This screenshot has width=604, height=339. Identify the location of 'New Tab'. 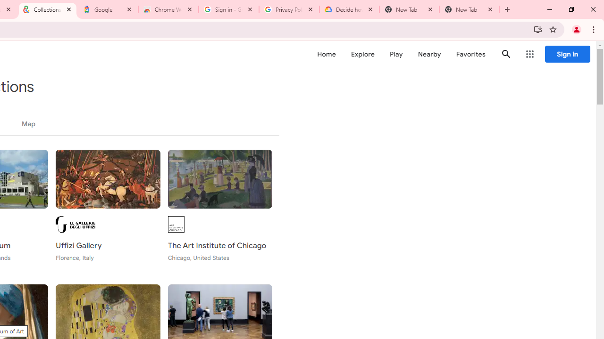
(469, 9).